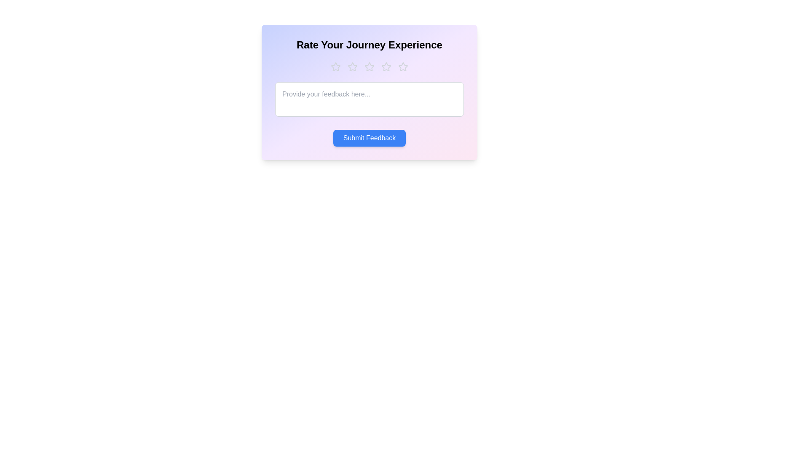 This screenshot has height=455, width=809. I want to click on the star corresponding to the desired rating 2 to set the rating, so click(352, 66).